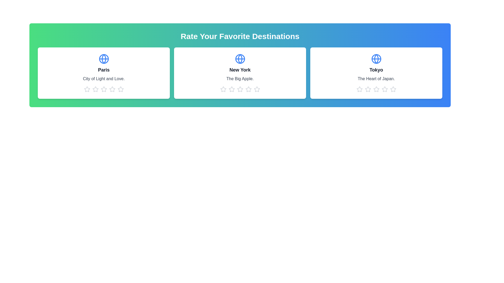 This screenshot has height=283, width=504. What do you see at coordinates (104, 59) in the screenshot?
I see `the globe icon to observe its details` at bounding box center [104, 59].